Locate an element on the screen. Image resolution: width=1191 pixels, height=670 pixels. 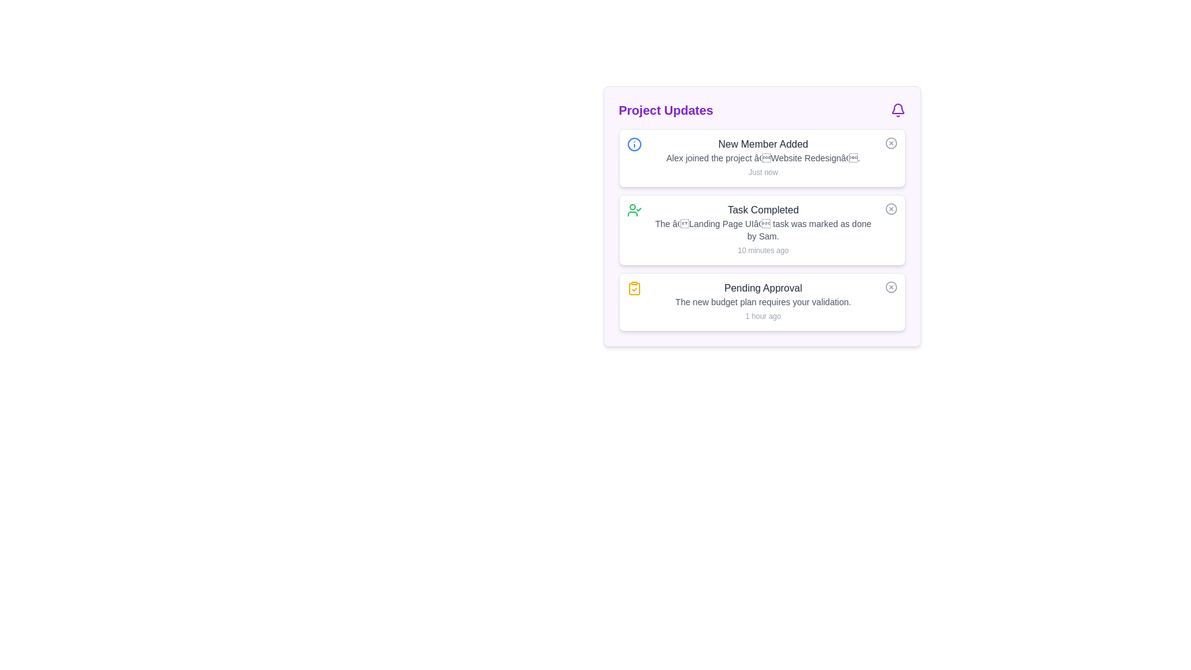
the text node displaying 'Alex joined the project ‘Website Redesign’.' which is located below the headline 'New Member Added' and above the timestamp 'Just now' within the notification card is located at coordinates (762, 157).